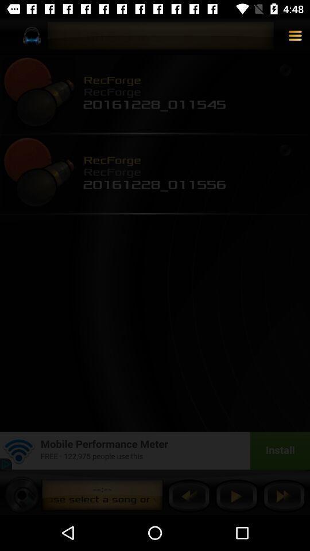 This screenshot has width=310, height=551. What do you see at coordinates (189, 495) in the screenshot?
I see `the backward button on the web page` at bounding box center [189, 495].